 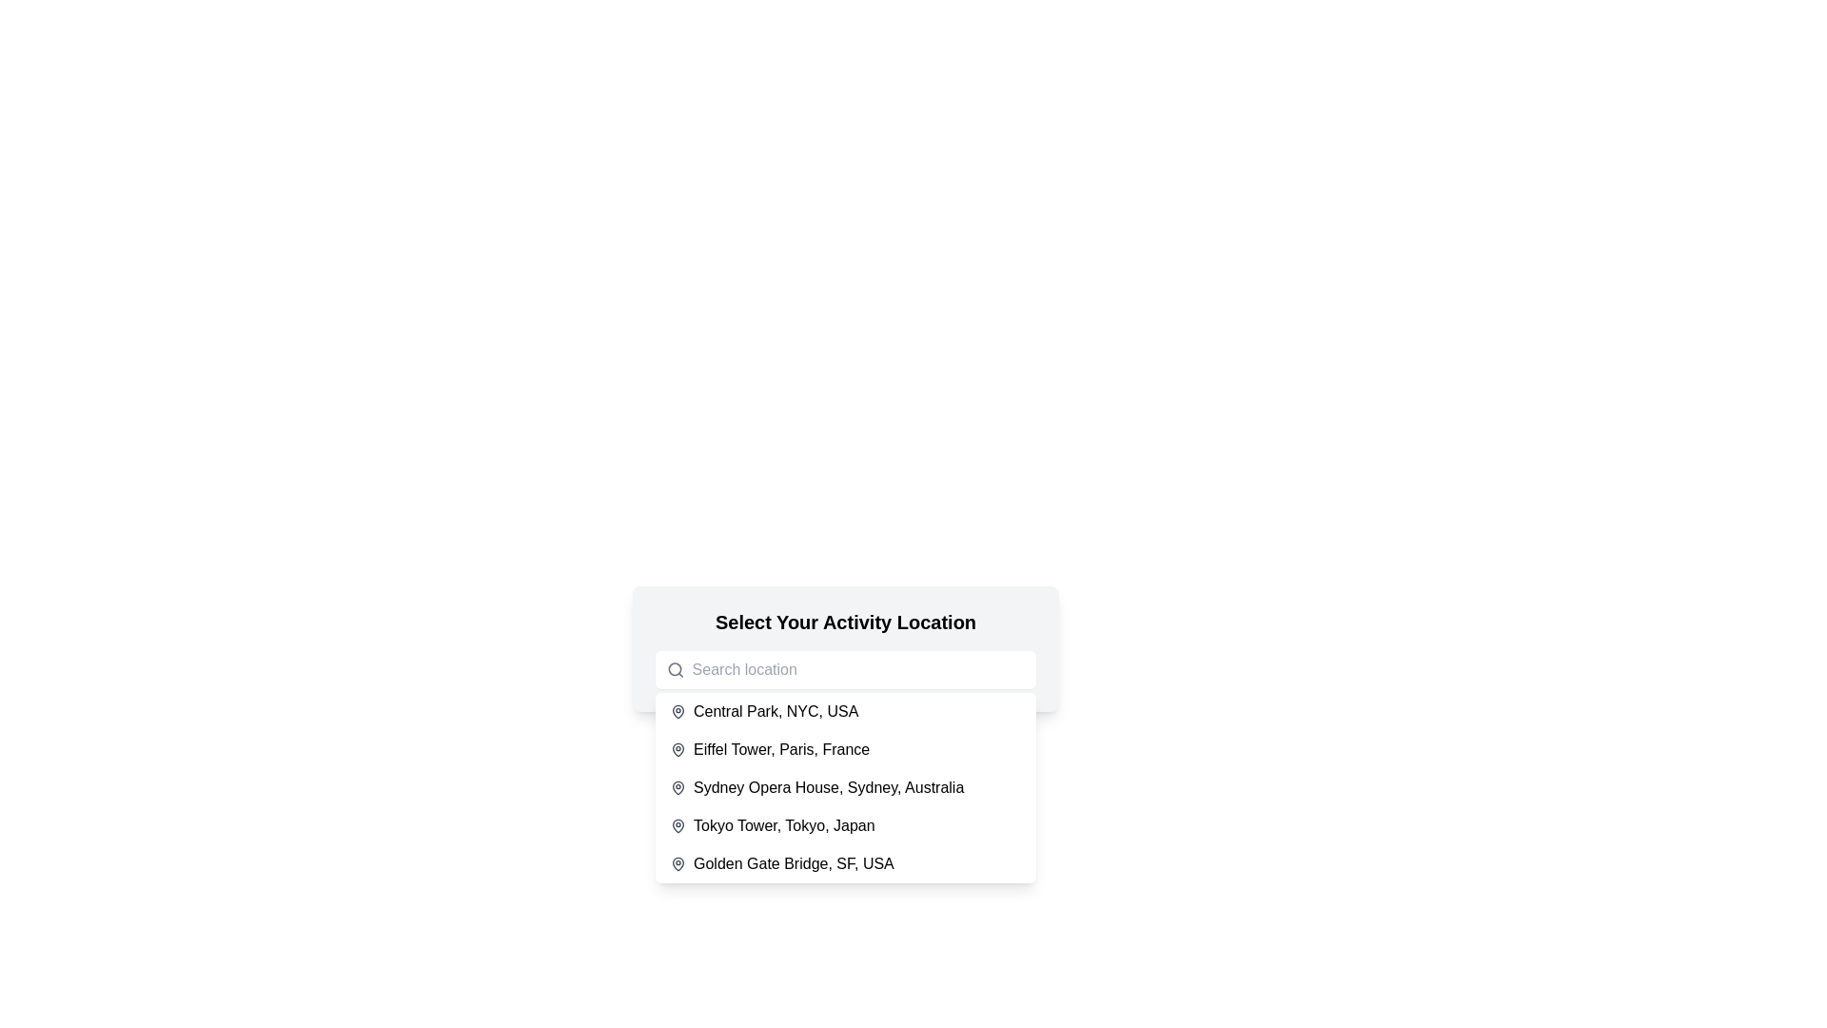 What do you see at coordinates (844, 788) in the screenshot?
I see `the dropdown menu below the search input field` at bounding box center [844, 788].